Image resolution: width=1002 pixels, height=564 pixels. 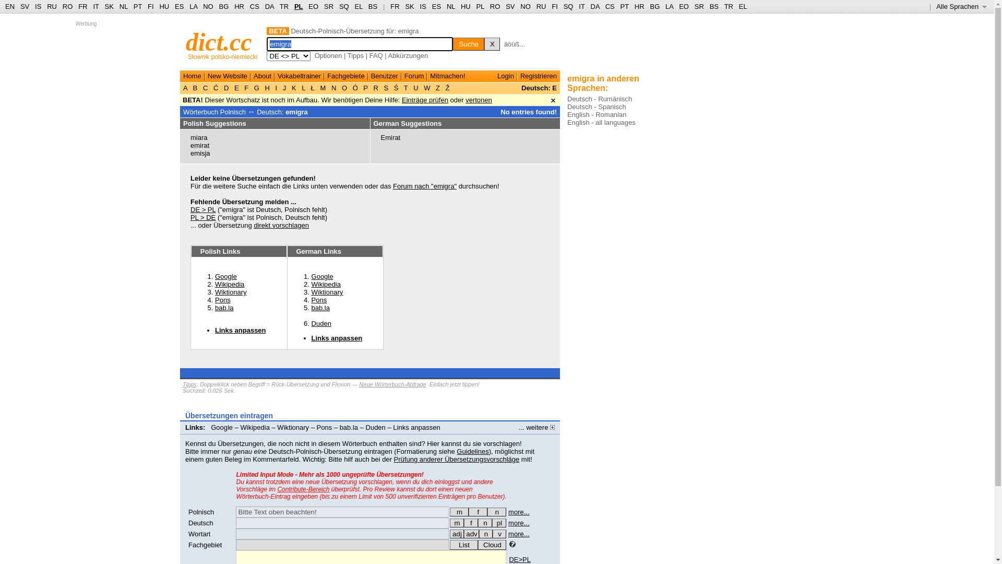 I want to click on 'About', so click(x=263, y=75).